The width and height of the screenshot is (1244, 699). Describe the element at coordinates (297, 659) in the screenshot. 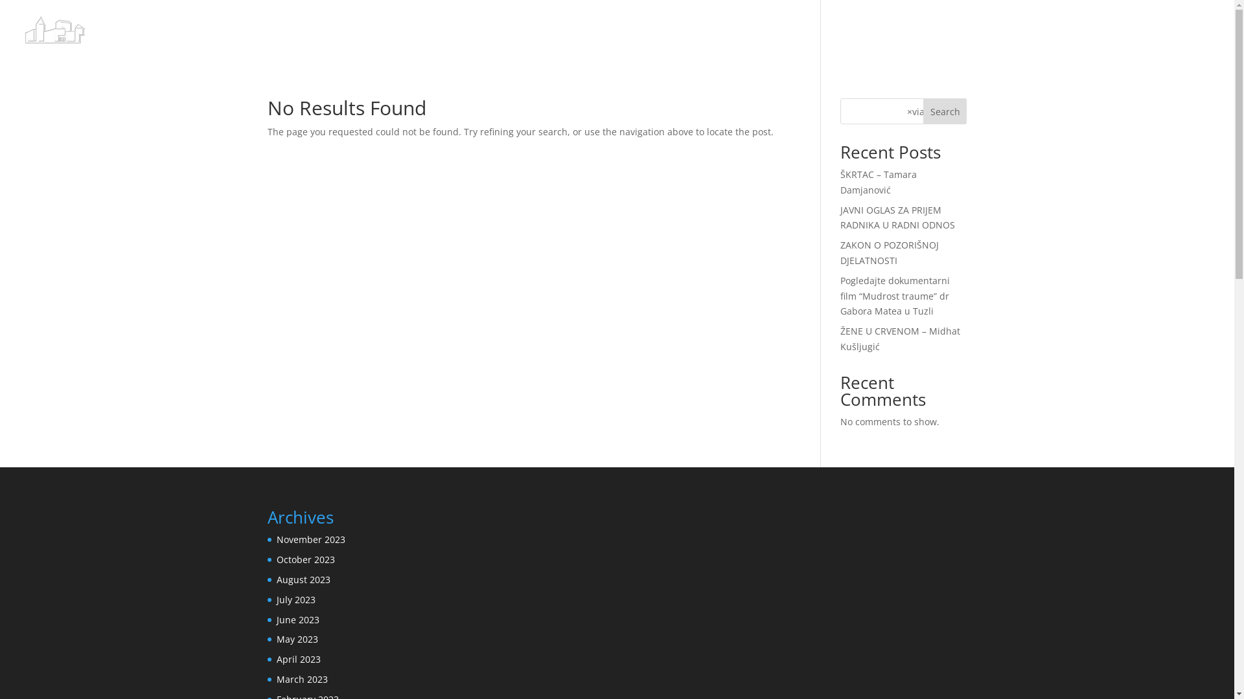

I see `'April 2023'` at that location.